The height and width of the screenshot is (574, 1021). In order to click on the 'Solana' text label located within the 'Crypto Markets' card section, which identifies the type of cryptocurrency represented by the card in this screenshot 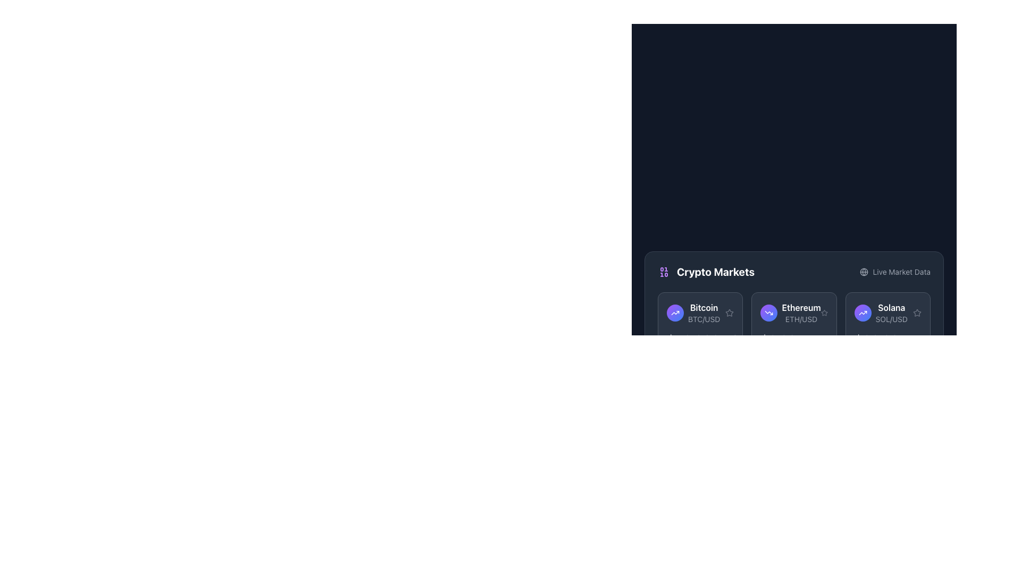, I will do `click(891, 307)`.